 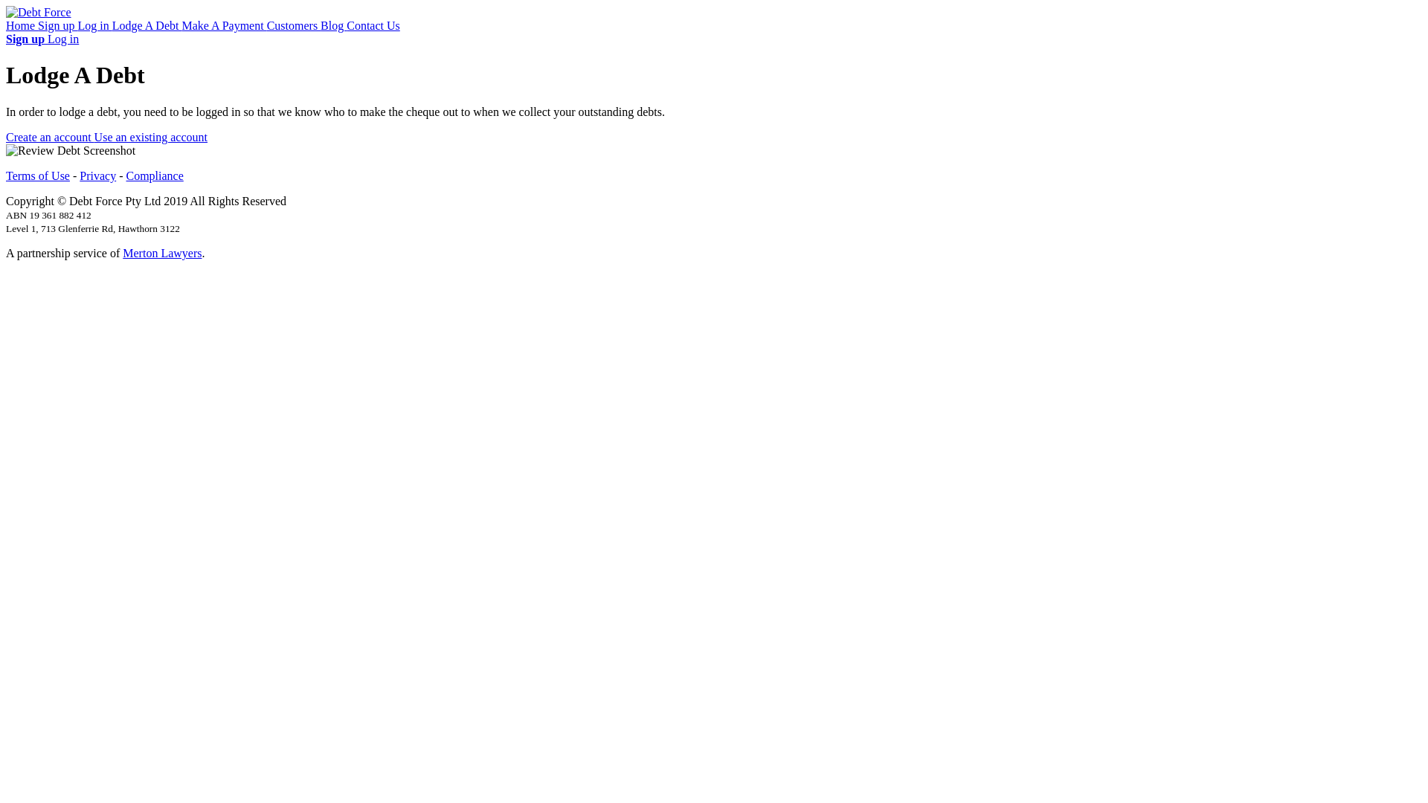 I want to click on 'Sign up', so click(x=57, y=25).